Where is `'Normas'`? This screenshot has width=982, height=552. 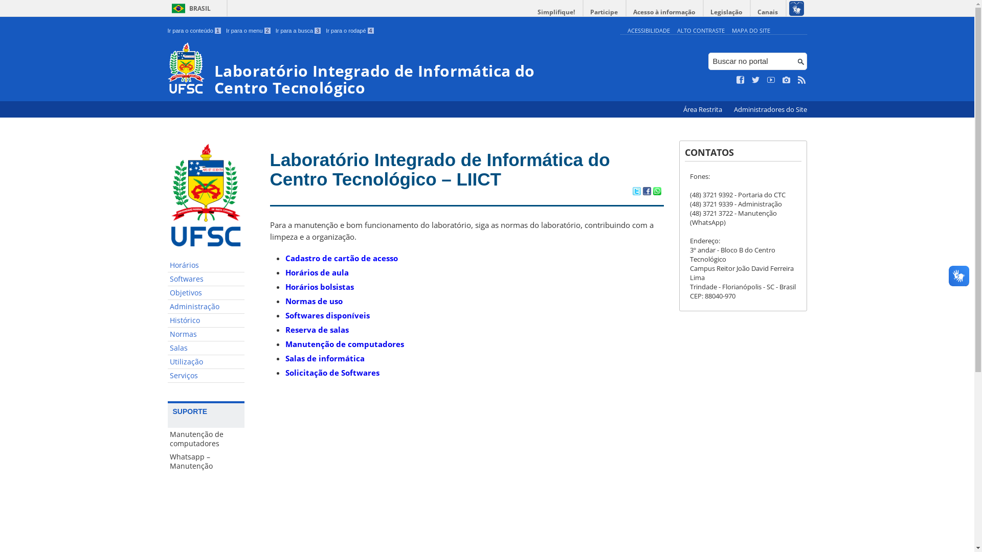 'Normas' is located at coordinates (206, 334).